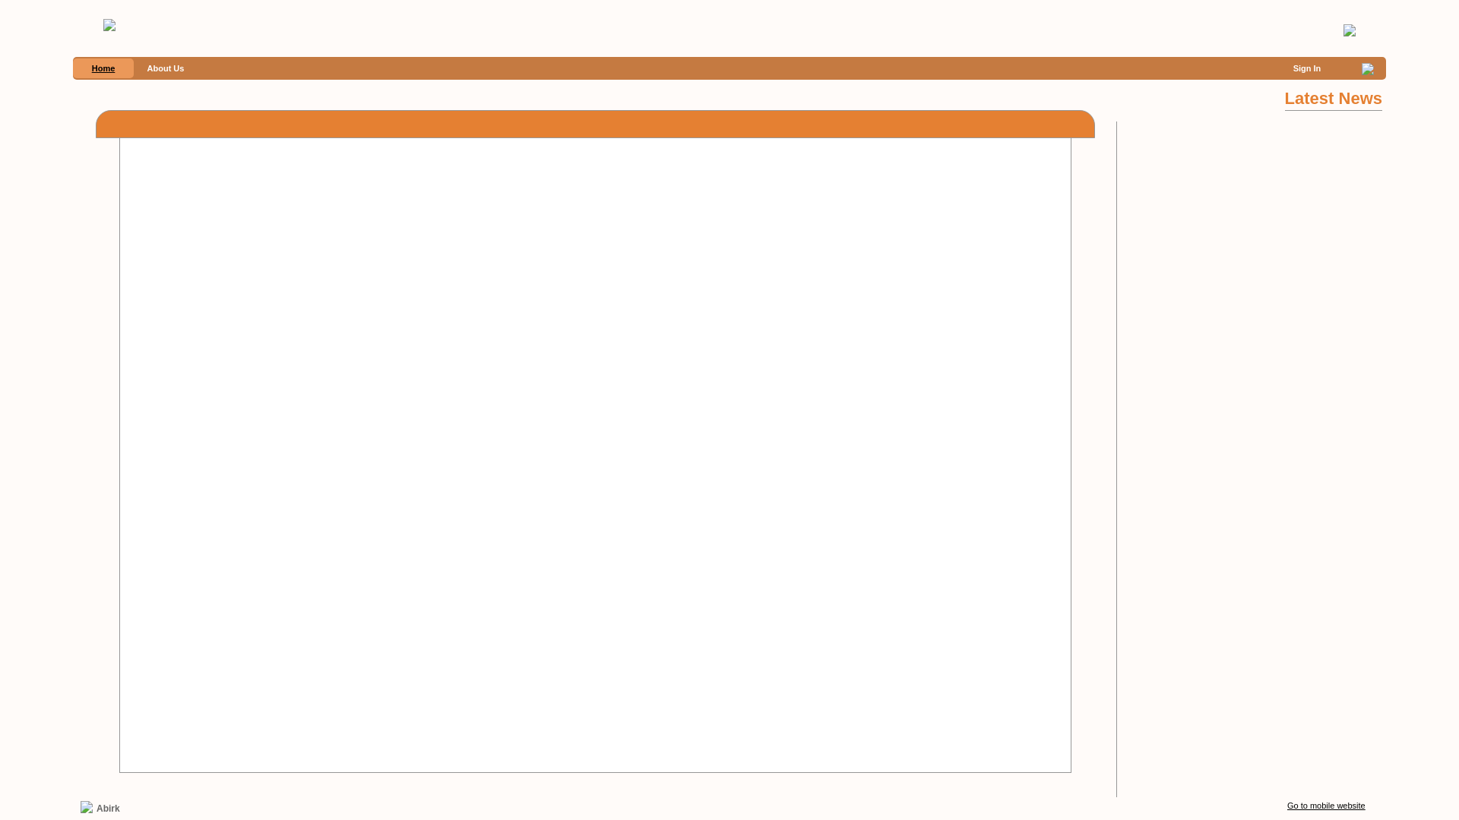 This screenshot has height=820, width=1459. Describe the element at coordinates (103, 67) in the screenshot. I see `'Home'` at that location.